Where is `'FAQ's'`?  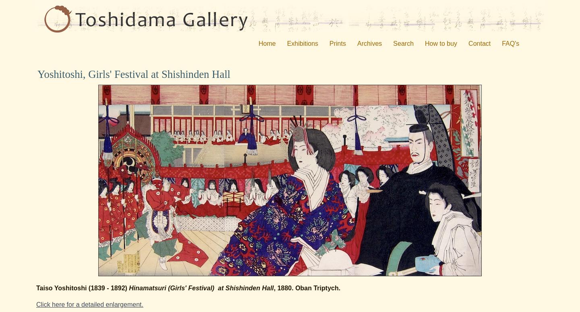
'FAQ's' is located at coordinates (510, 43).